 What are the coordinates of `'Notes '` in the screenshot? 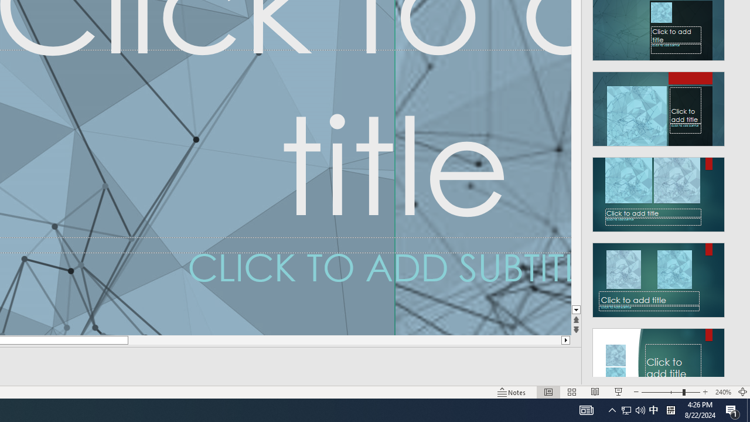 It's located at (512, 392).